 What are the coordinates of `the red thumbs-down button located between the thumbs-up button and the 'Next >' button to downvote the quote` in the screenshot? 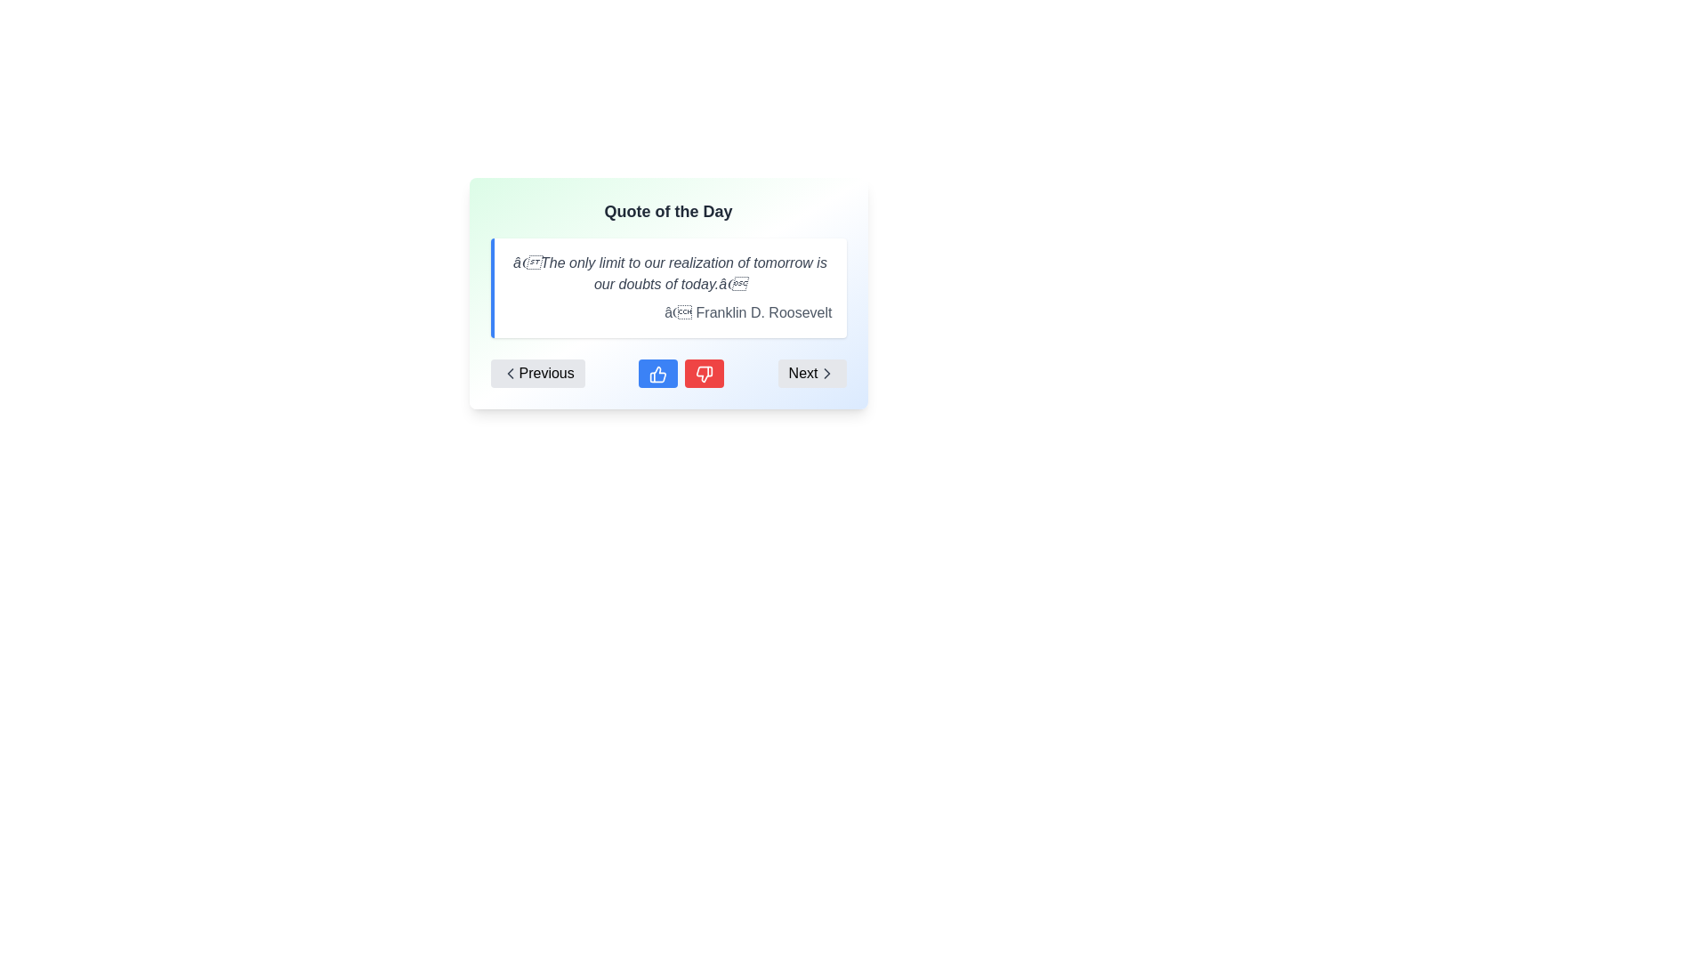 It's located at (704, 373).